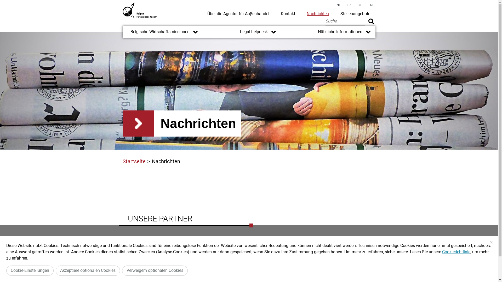 The image size is (502, 282). Describe the element at coordinates (368, 32) in the screenshot. I see `'Open submenu'` at that location.